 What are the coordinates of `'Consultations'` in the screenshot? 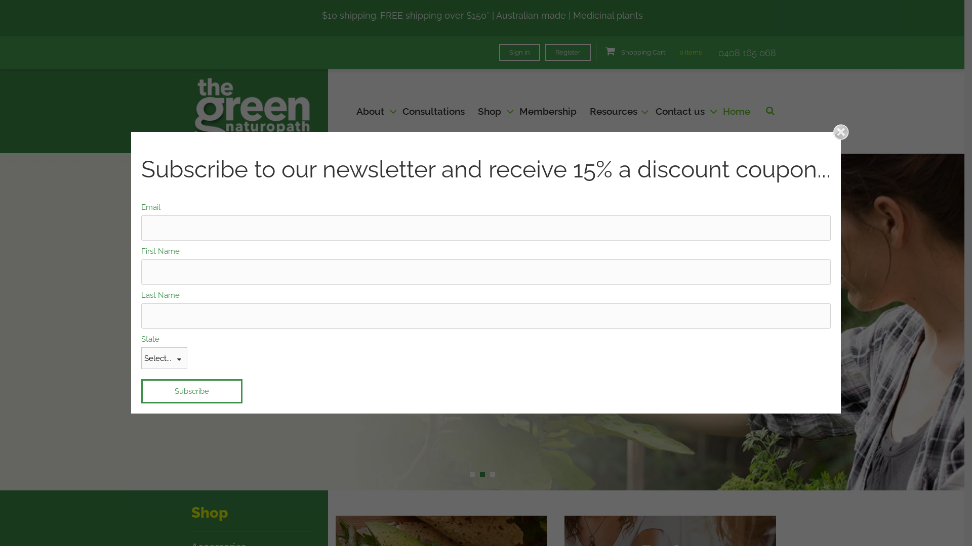 It's located at (433, 111).